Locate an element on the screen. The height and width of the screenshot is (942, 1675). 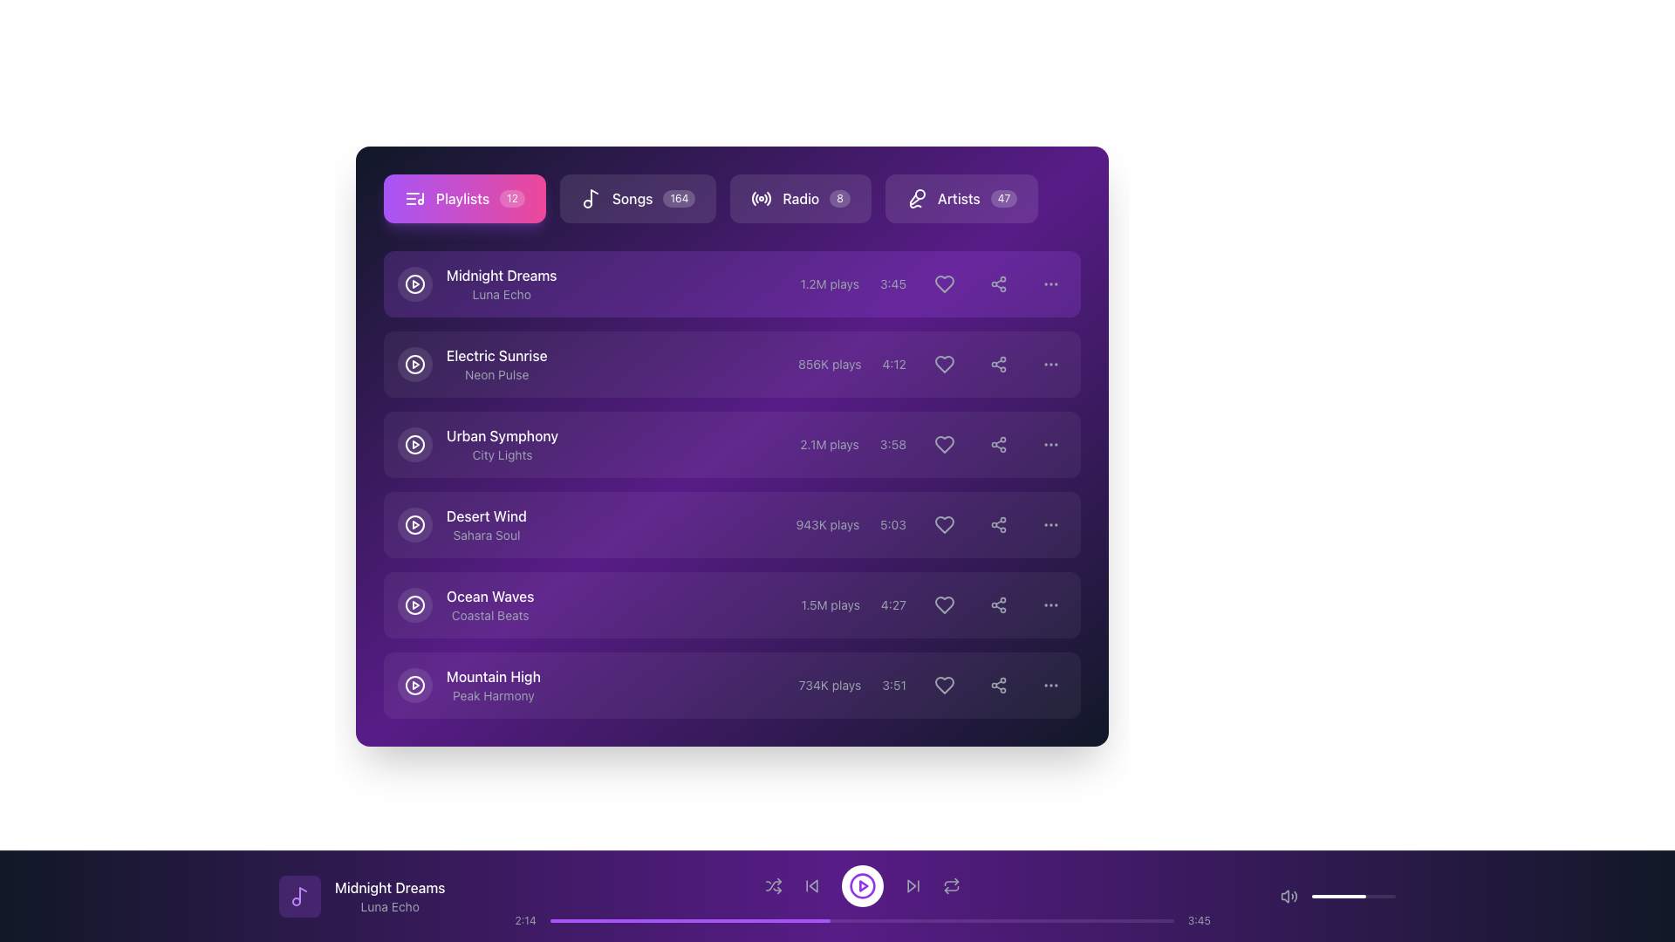
the subtitle text for the playlist entry titled 'Desert Wind', which is located below the bold text and slightly inset from the left margin in the highlighted row is located at coordinates (486, 534).